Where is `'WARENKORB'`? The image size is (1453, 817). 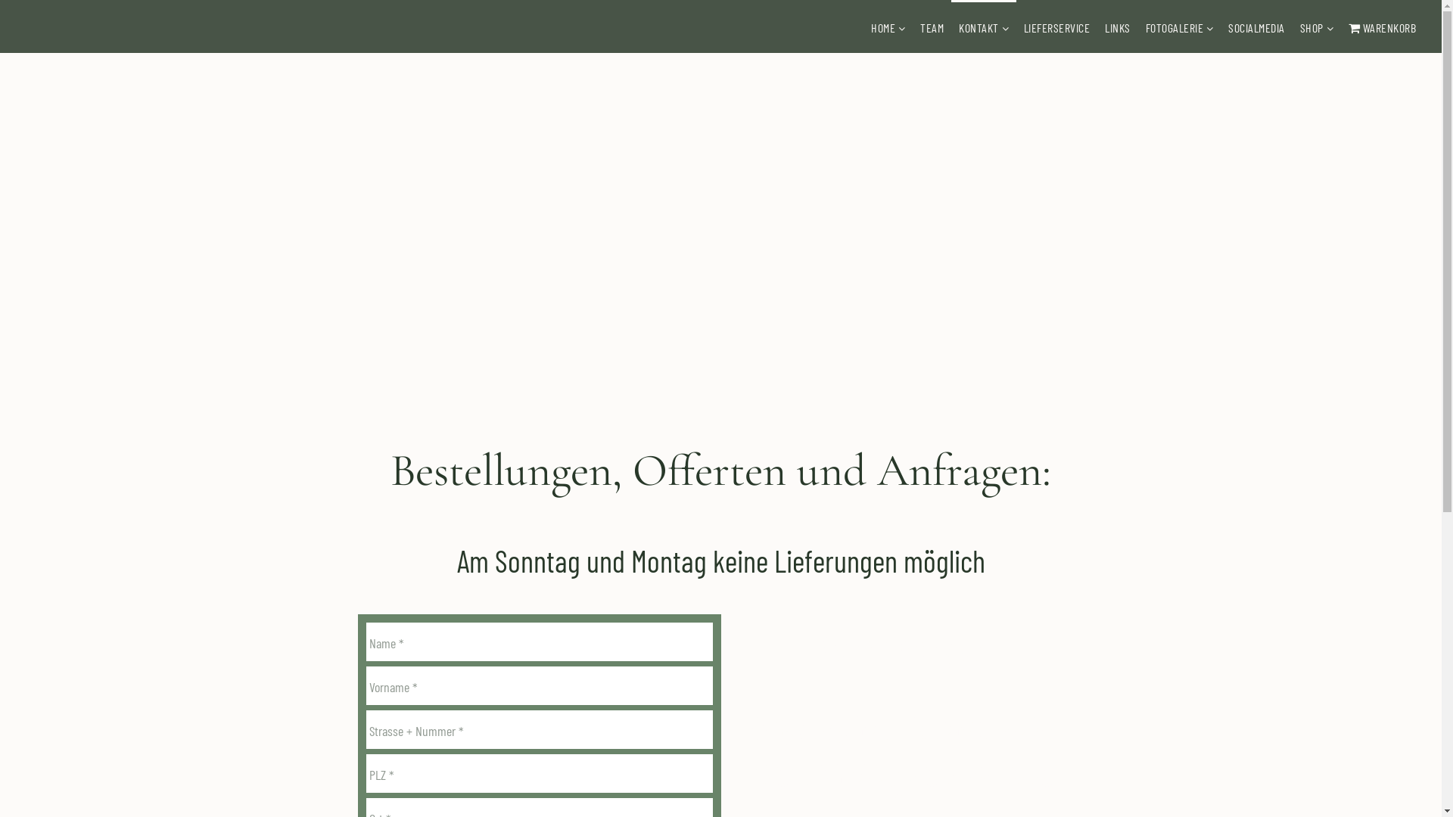 'WARENKORB' is located at coordinates (1340, 27).